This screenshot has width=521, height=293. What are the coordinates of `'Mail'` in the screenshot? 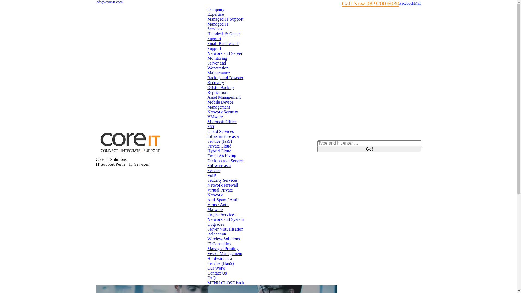 It's located at (417, 3).